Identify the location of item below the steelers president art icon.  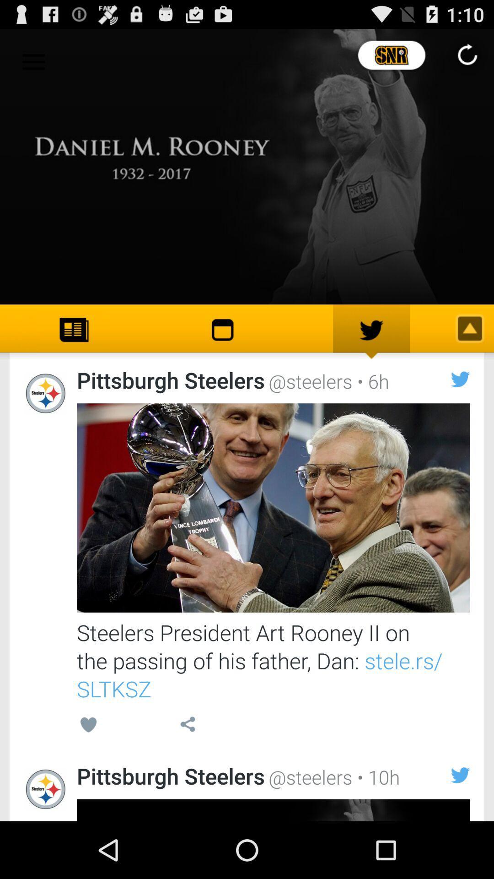
(376, 776).